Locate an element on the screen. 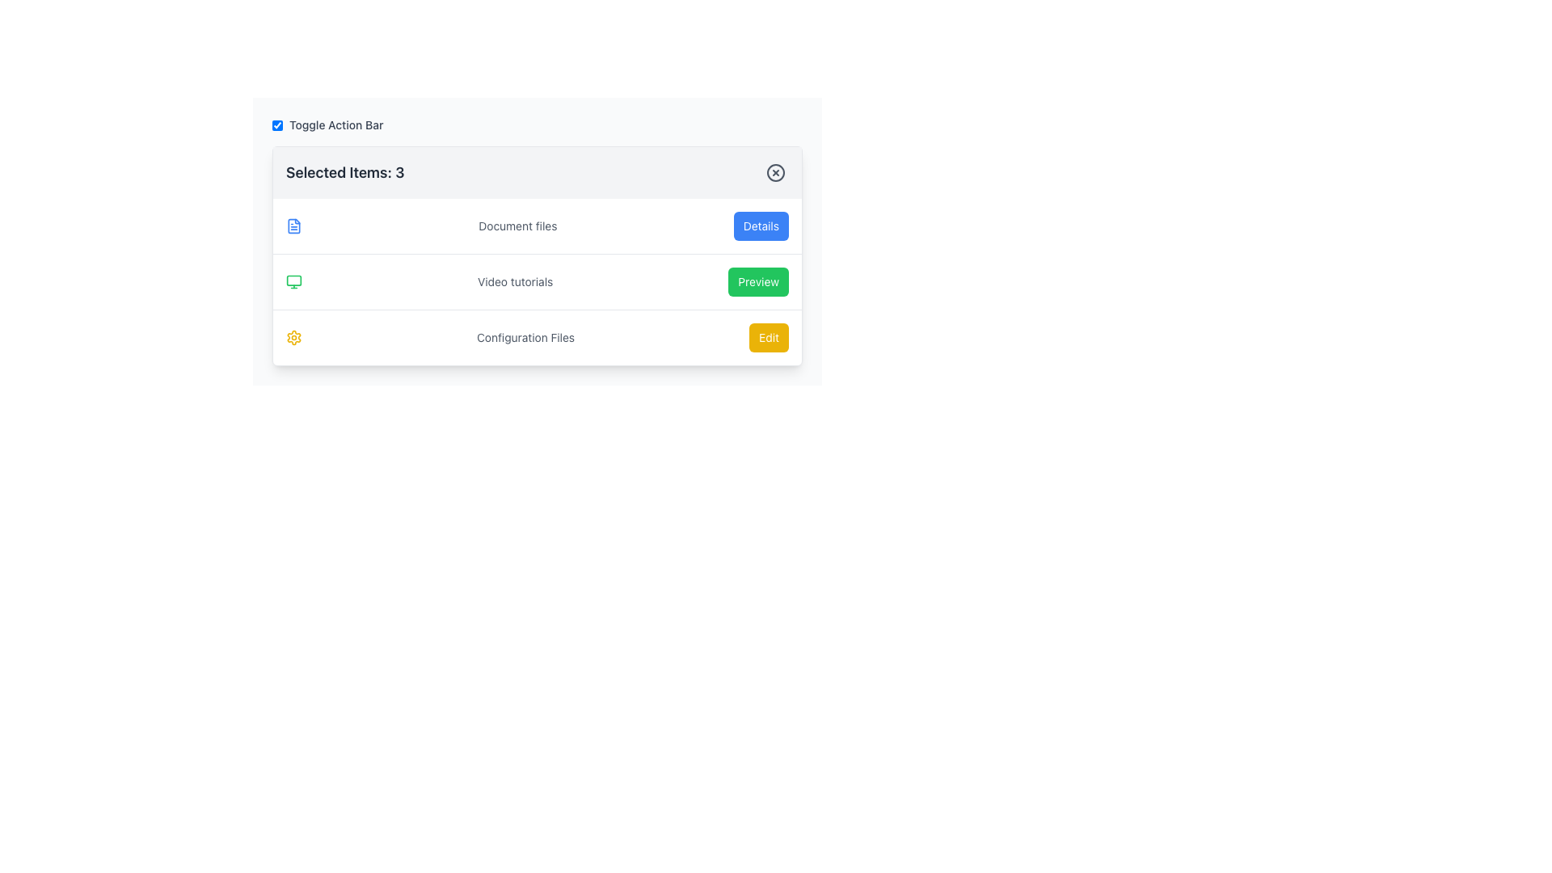 The height and width of the screenshot is (873, 1552). the 'Edit' button, which is a yellow rectangular button with white text and rounded corners, located at the right side of the 'Configuration Files' row is located at coordinates (768, 336).